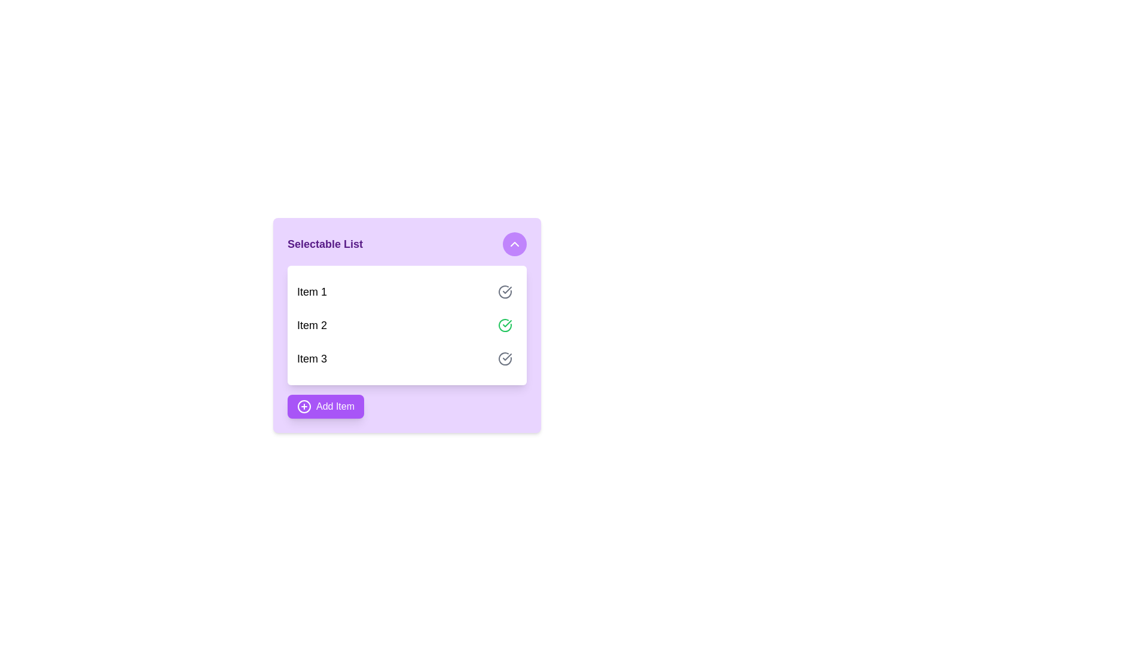 The image size is (1148, 645). I want to click on the selectable list item representing 'Item 3', so click(407, 358).